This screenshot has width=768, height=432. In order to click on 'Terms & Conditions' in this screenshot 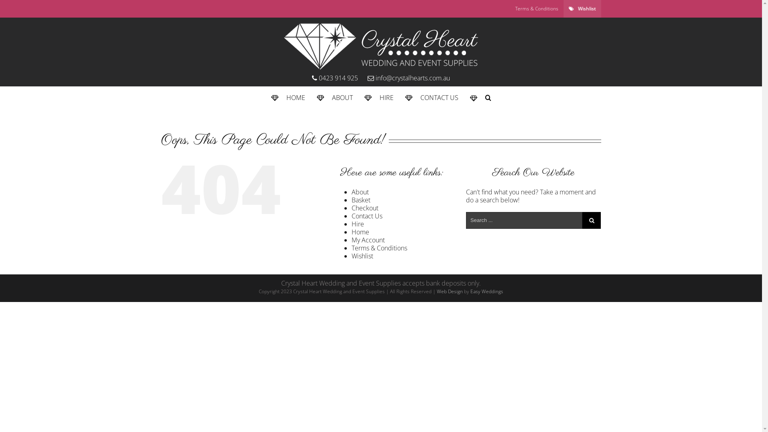, I will do `click(379, 248)`.